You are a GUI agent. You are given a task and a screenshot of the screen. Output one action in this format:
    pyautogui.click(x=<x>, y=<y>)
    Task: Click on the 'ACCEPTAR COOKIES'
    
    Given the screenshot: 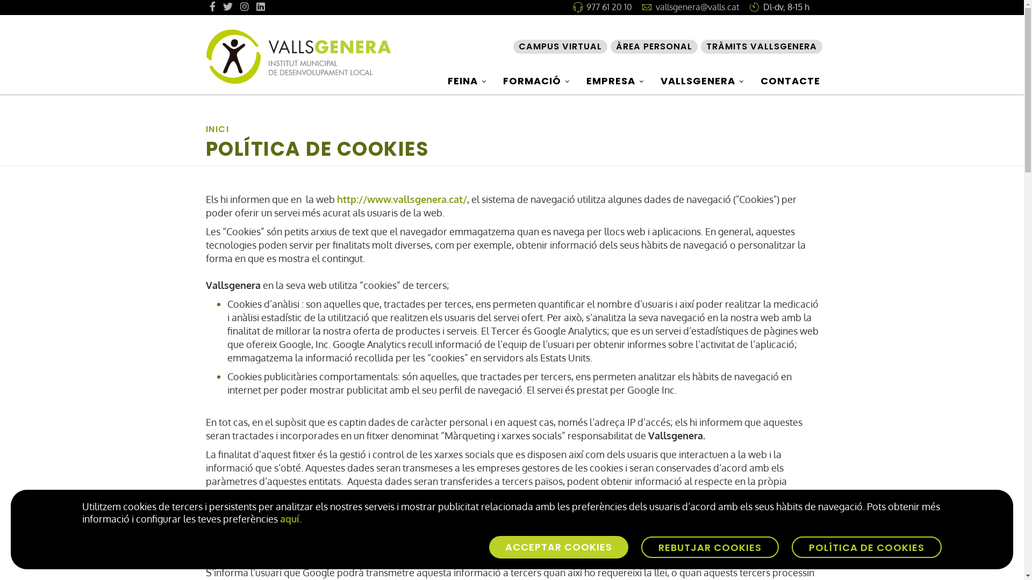 What is the action you would take?
    pyautogui.click(x=558, y=547)
    